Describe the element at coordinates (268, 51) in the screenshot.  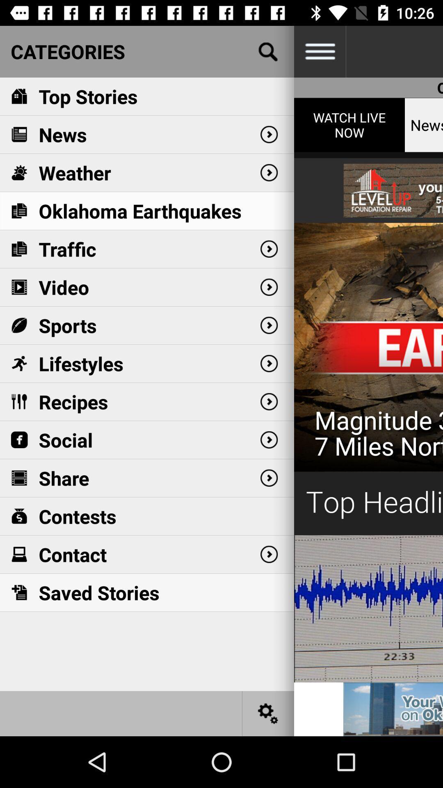
I see `search` at that location.